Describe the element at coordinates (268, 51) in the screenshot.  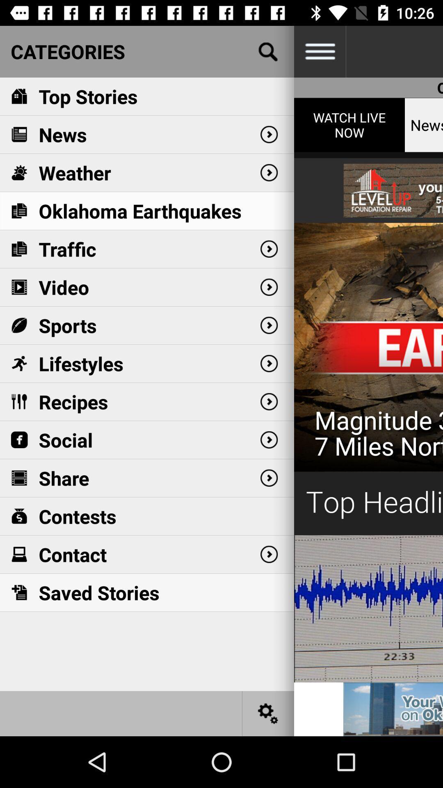
I see `search` at that location.